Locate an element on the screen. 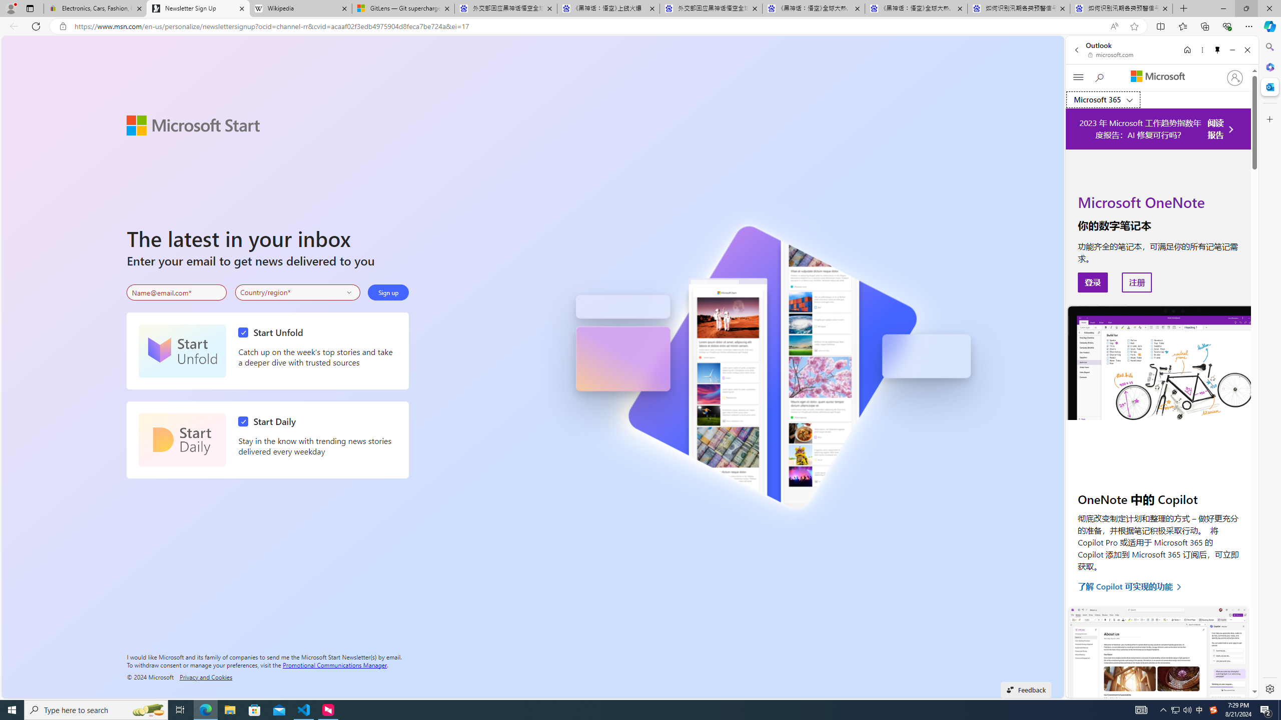 The image size is (1281, 720). 'Wikipedia' is located at coordinates (300, 8).